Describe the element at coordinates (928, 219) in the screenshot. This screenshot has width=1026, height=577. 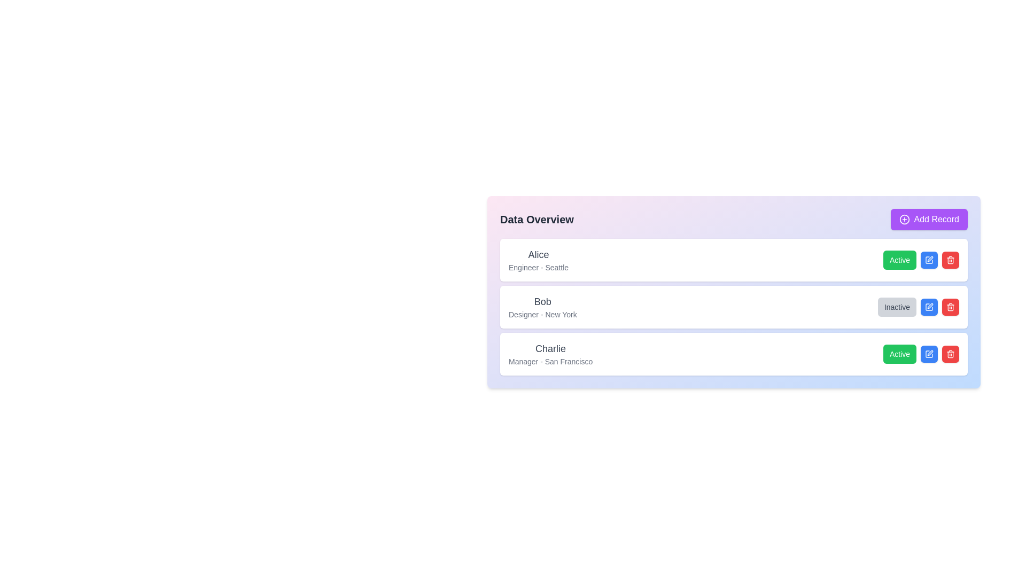
I see `the 'Add New Record' button located in the top-right corner of the 'Data Overview' panel` at that location.